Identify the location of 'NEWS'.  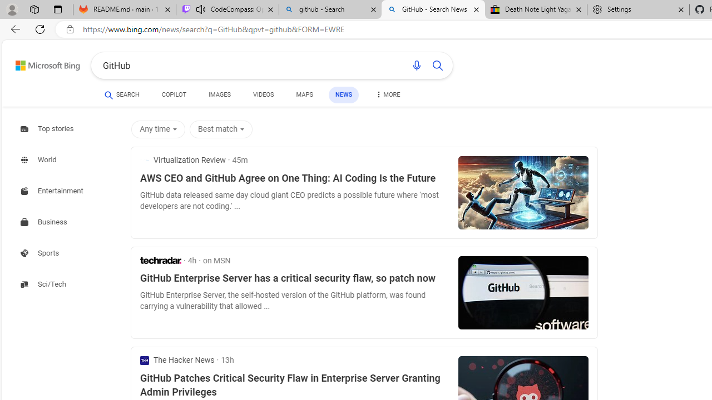
(343, 94).